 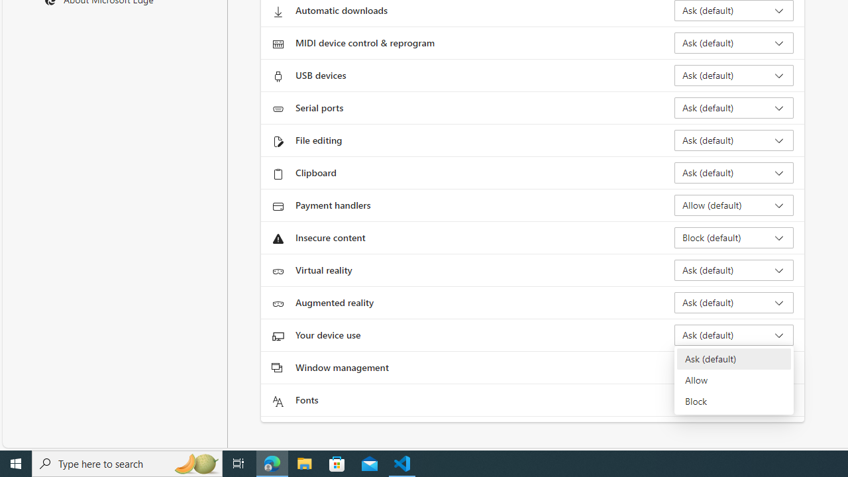 I want to click on 'Allow', so click(x=733, y=380).